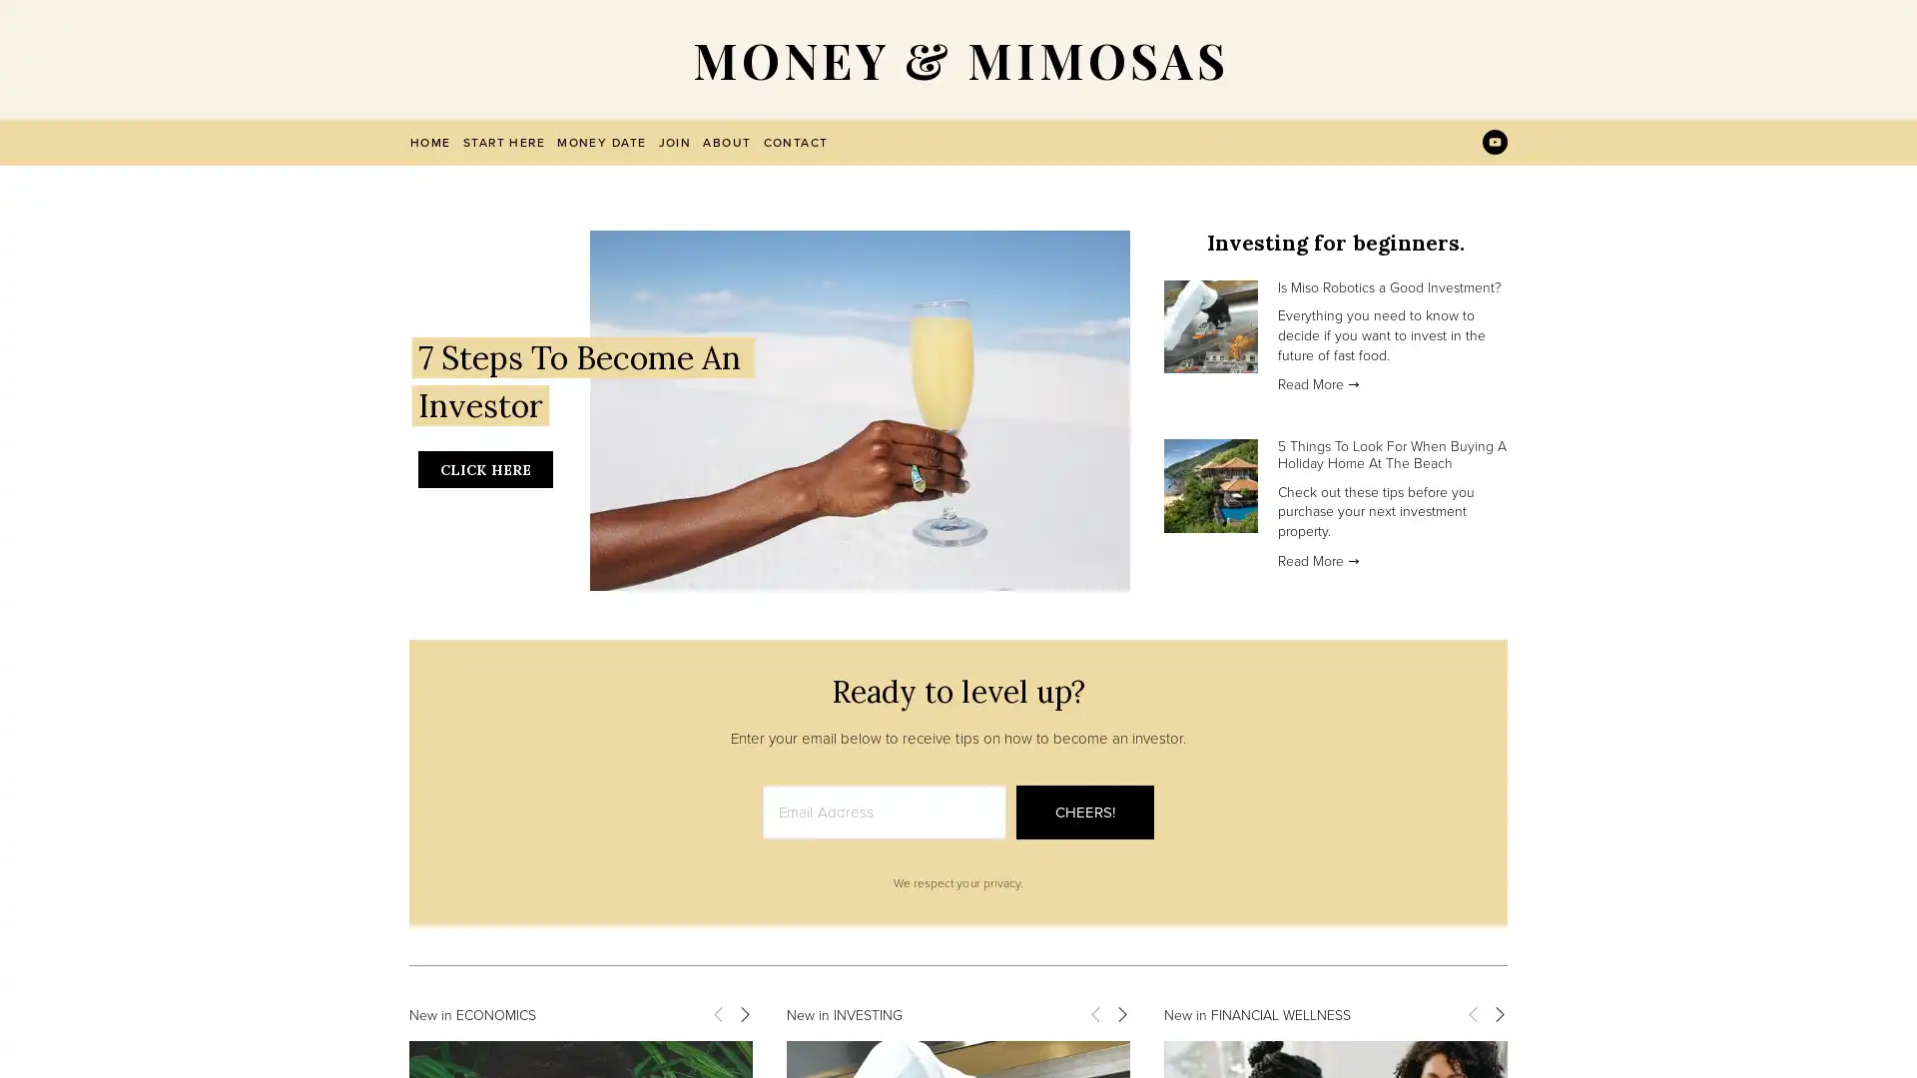  What do you see at coordinates (1094, 1012) in the screenshot?
I see `Previous` at bounding box center [1094, 1012].